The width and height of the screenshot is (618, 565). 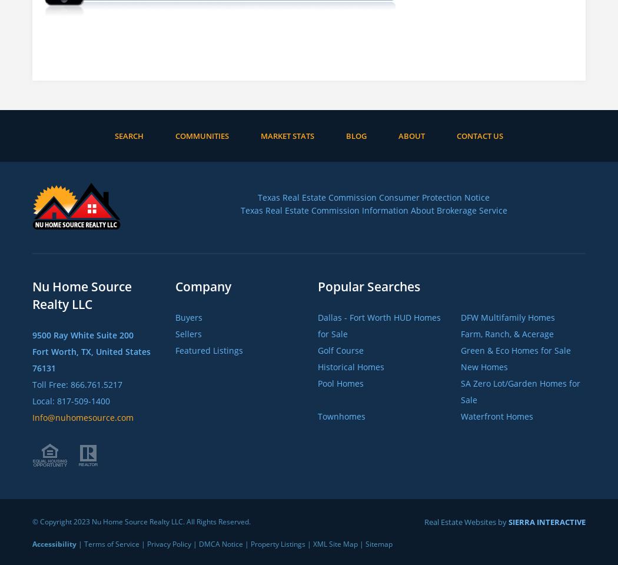 What do you see at coordinates (398, 135) in the screenshot?
I see `'About'` at bounding box center [398, 135].